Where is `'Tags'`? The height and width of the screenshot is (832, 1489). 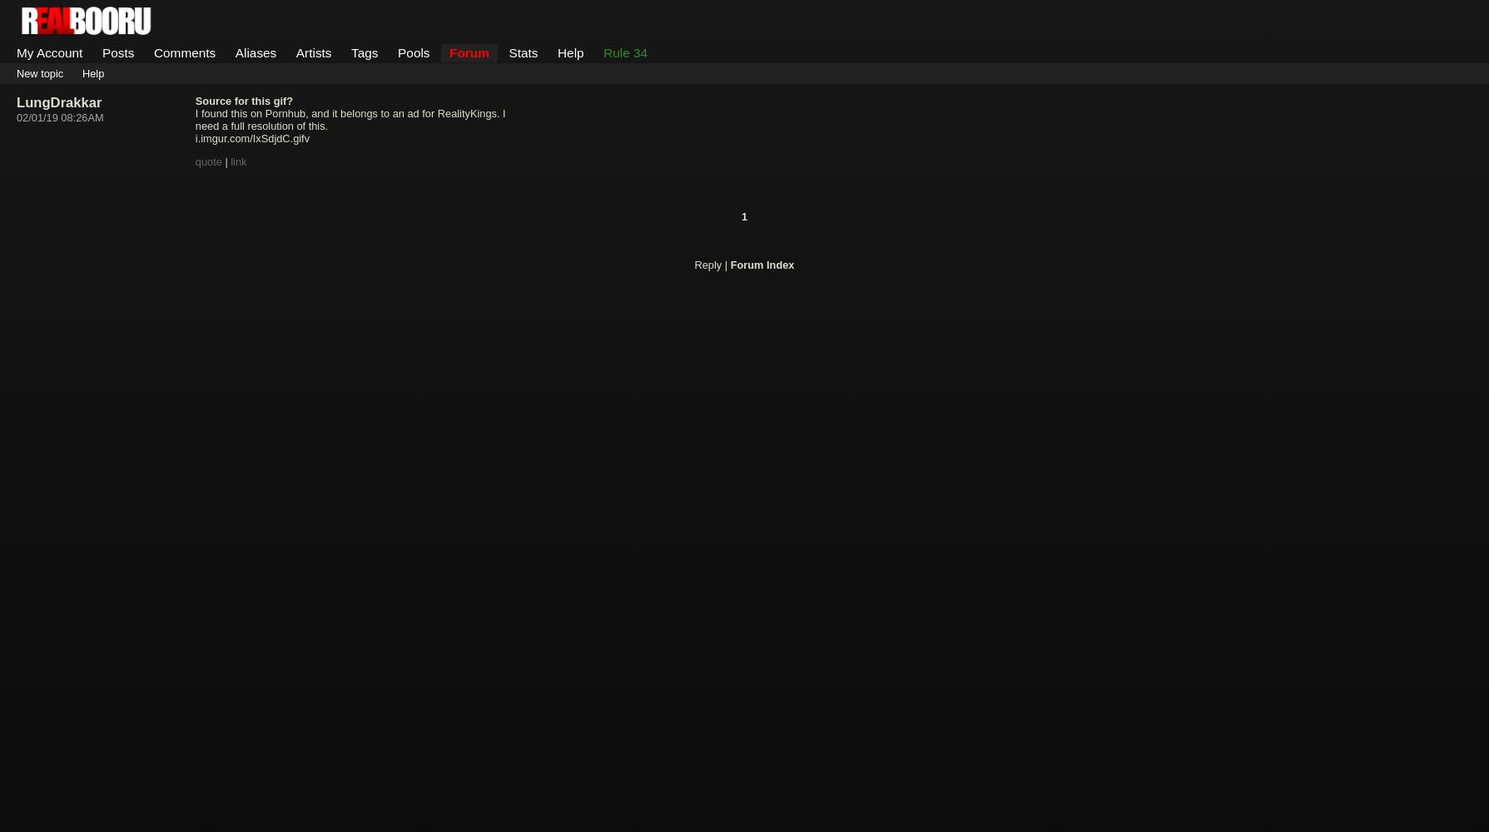 'Tags' is located at coordinates (363, 52).